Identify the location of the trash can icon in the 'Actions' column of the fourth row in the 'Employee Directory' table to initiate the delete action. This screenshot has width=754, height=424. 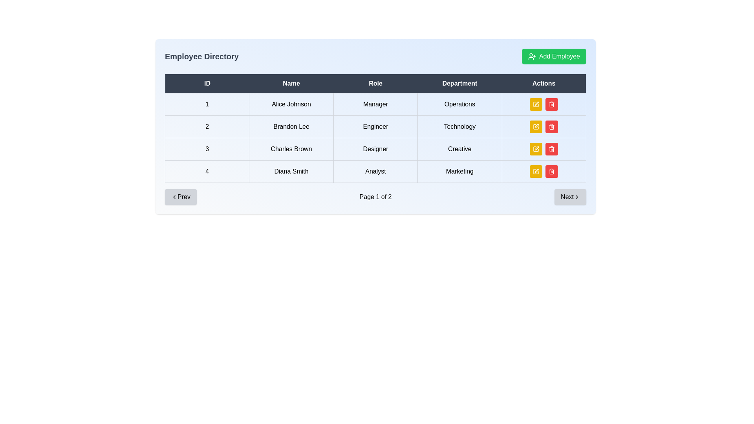
(551, 150).